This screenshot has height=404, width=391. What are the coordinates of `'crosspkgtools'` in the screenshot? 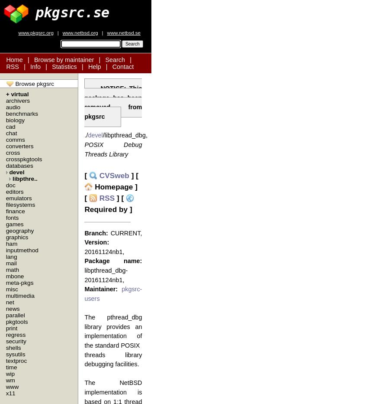 It's located at (23, 159).